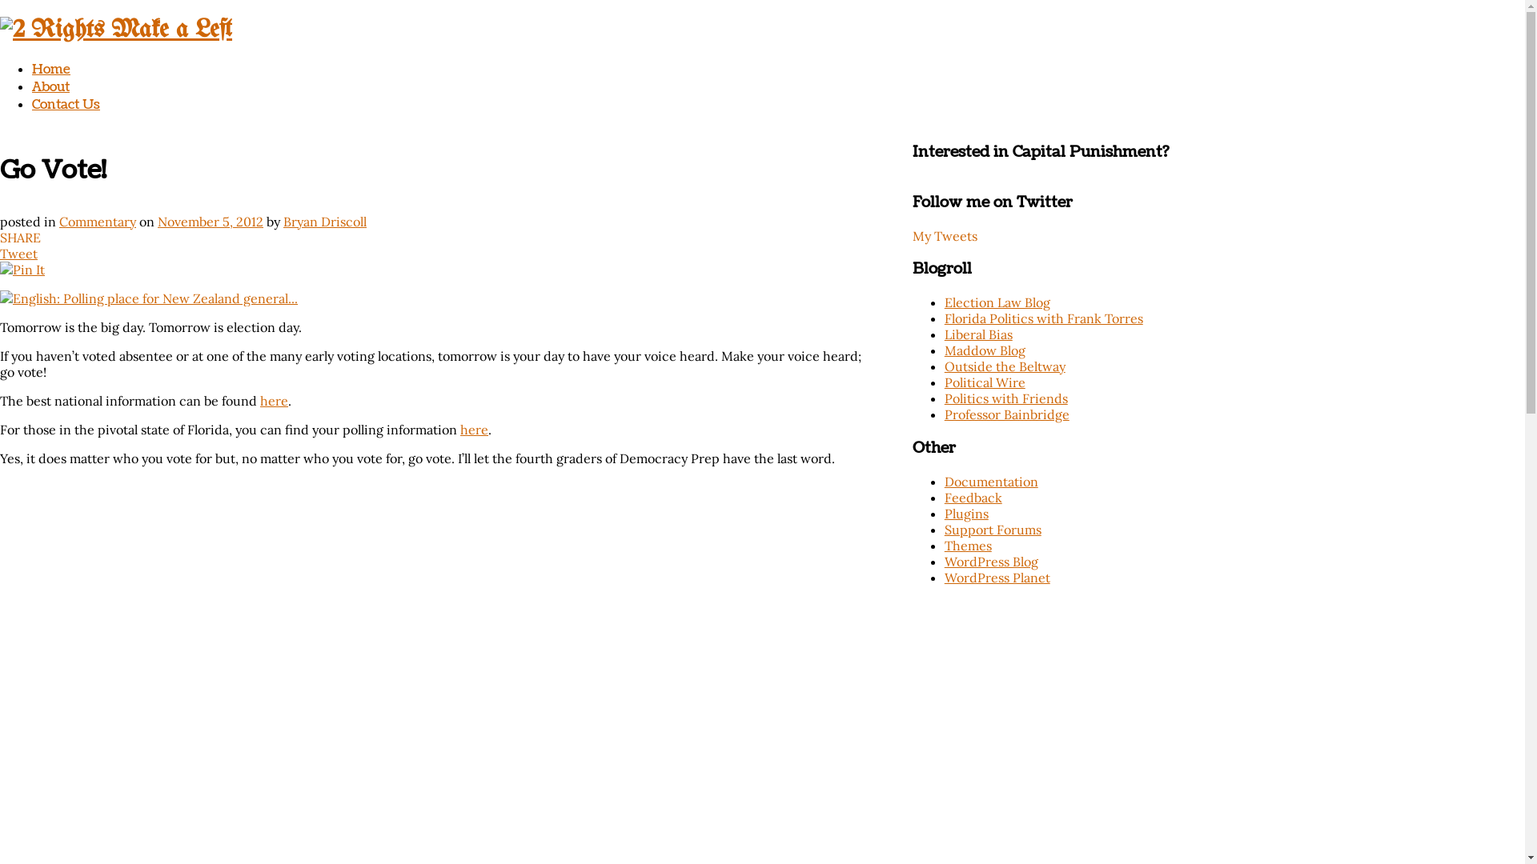  Describe the element at coordinates (997, 302) in the screenshot. I see `'Election Law Blog'` at that location.